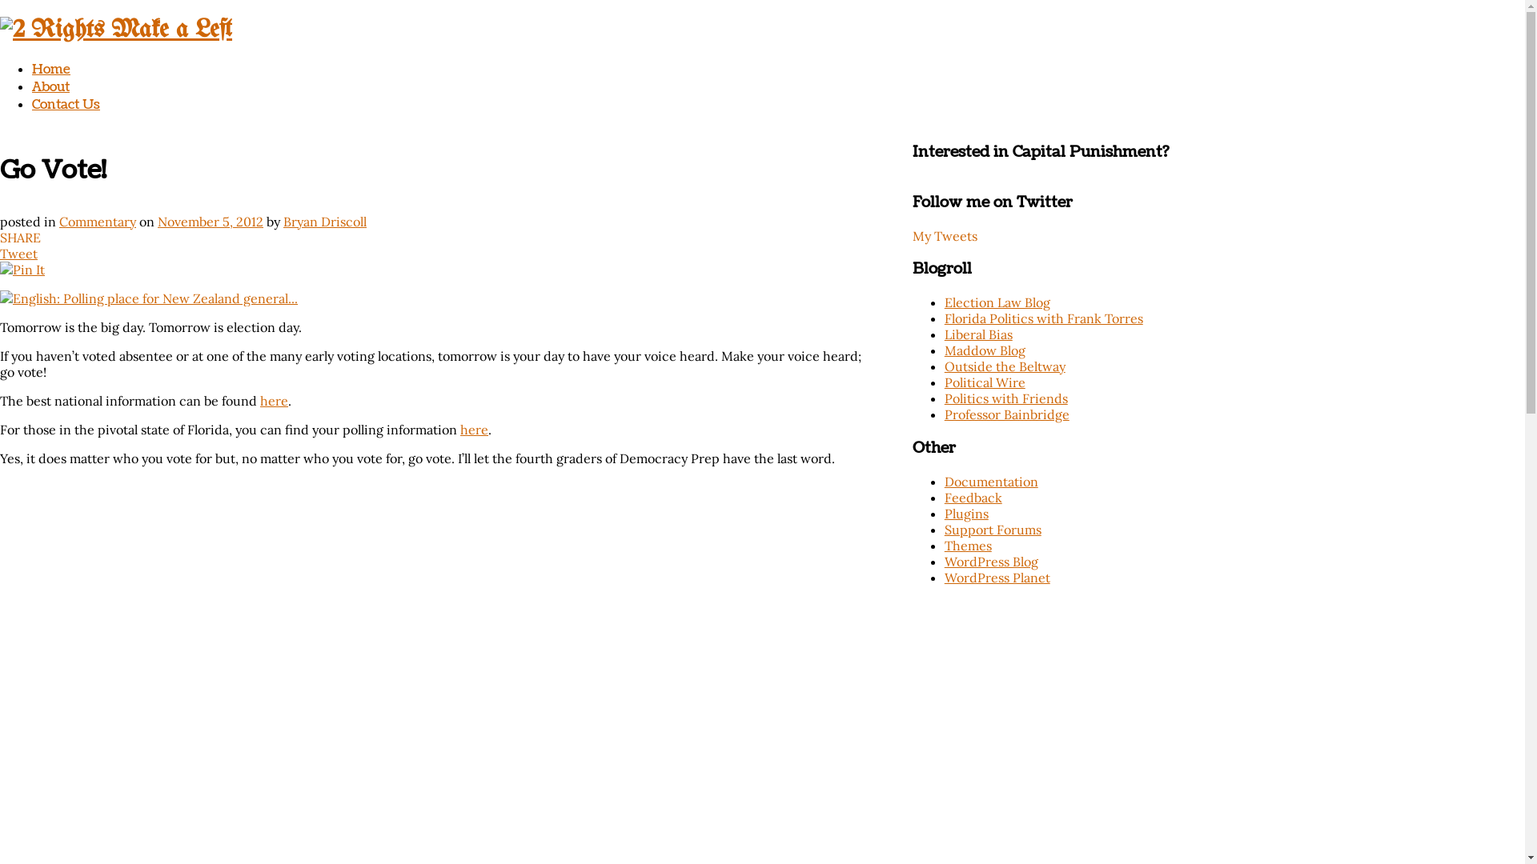  Describe the element at coordinates (997, 302) in the screenshot. I see `'Election Law Blog'` at that location.